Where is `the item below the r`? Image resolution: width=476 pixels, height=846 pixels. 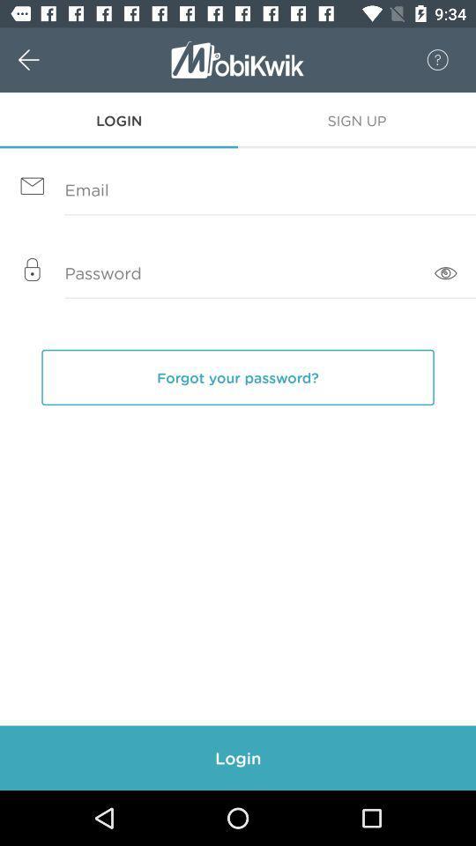 the item below the r is located at coordinates (357, 119).